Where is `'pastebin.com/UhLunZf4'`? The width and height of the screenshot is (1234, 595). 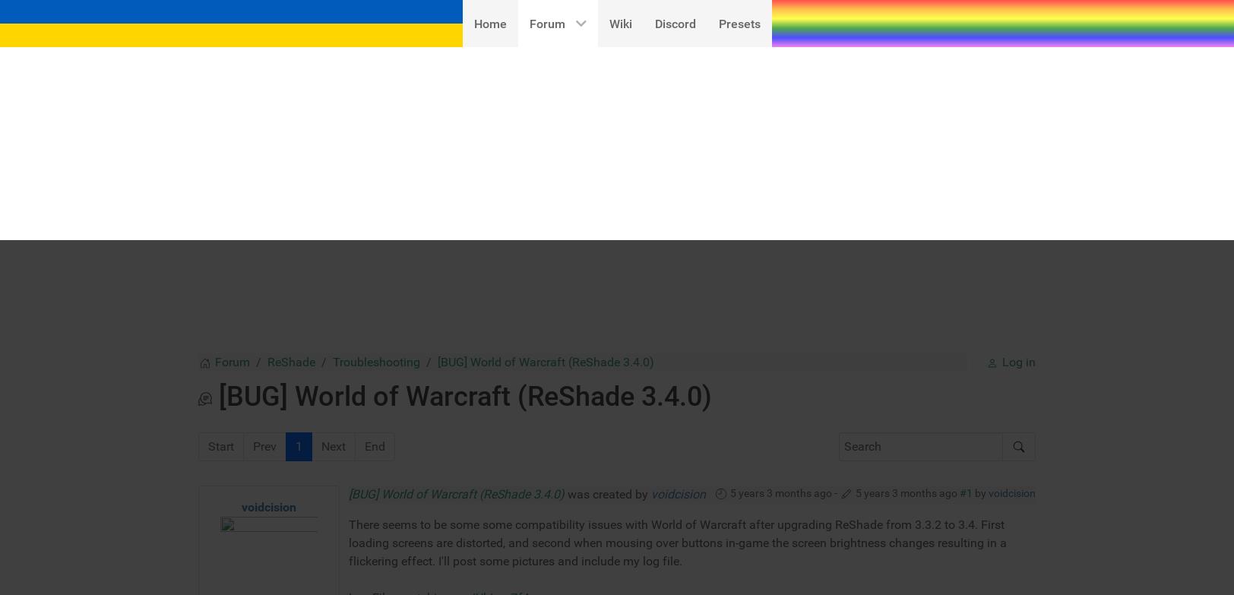 'pastebin.com/UhLunZf4' is located at coordinates (463, 356).